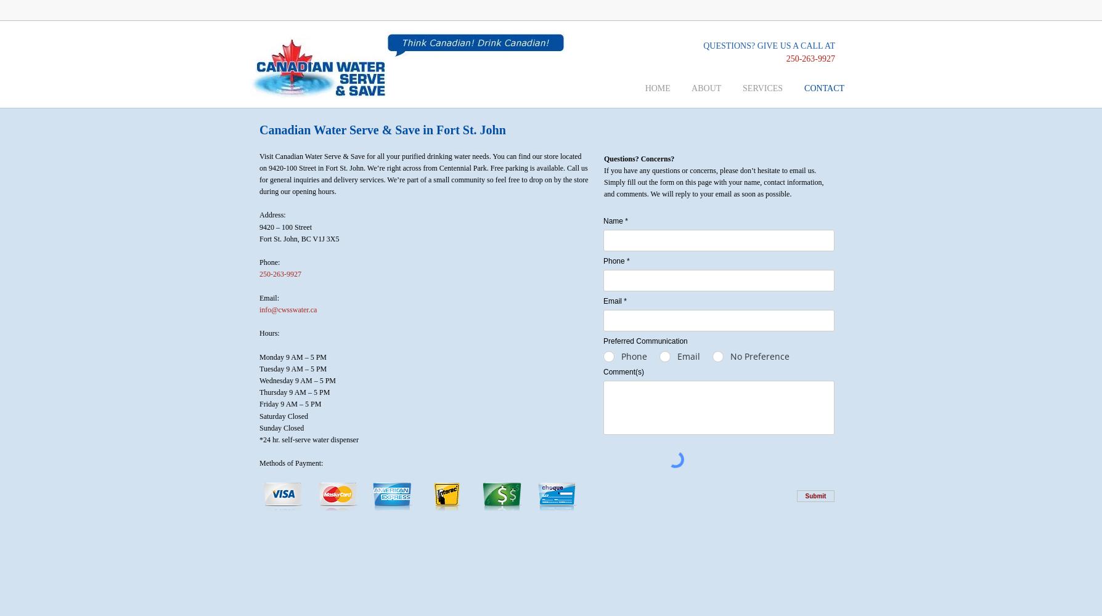  I want to click on 'Fort St. John, BC V1J 3X5', so click(259, 238).